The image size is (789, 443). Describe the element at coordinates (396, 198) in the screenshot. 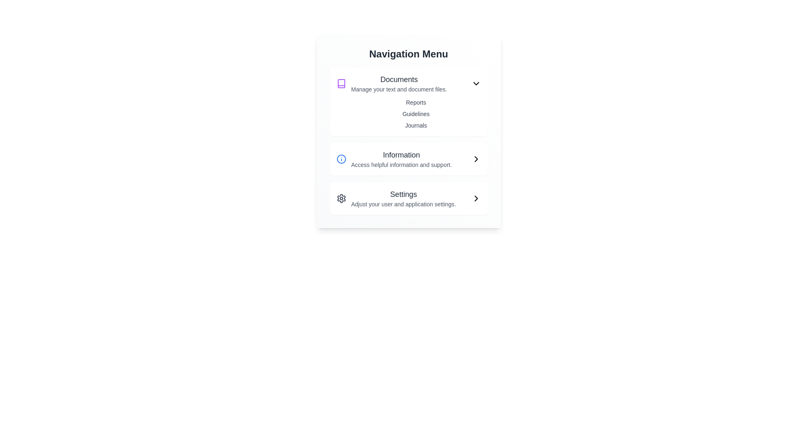

I see `the 'Settings' menu option in the navigation menu` at that location.